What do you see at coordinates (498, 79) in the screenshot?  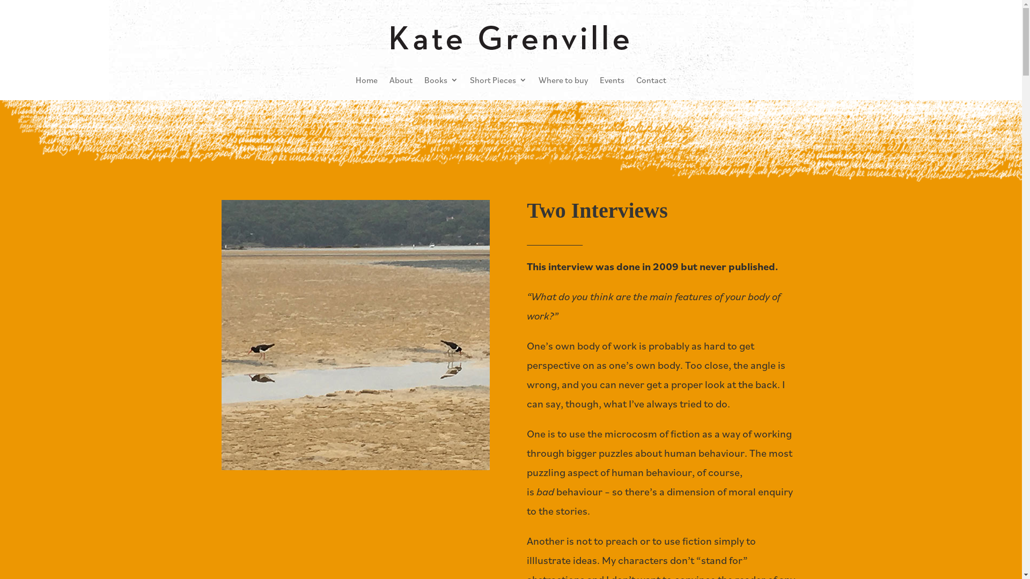 I see `'Short Pieces'` at bounding box center [498, 79].